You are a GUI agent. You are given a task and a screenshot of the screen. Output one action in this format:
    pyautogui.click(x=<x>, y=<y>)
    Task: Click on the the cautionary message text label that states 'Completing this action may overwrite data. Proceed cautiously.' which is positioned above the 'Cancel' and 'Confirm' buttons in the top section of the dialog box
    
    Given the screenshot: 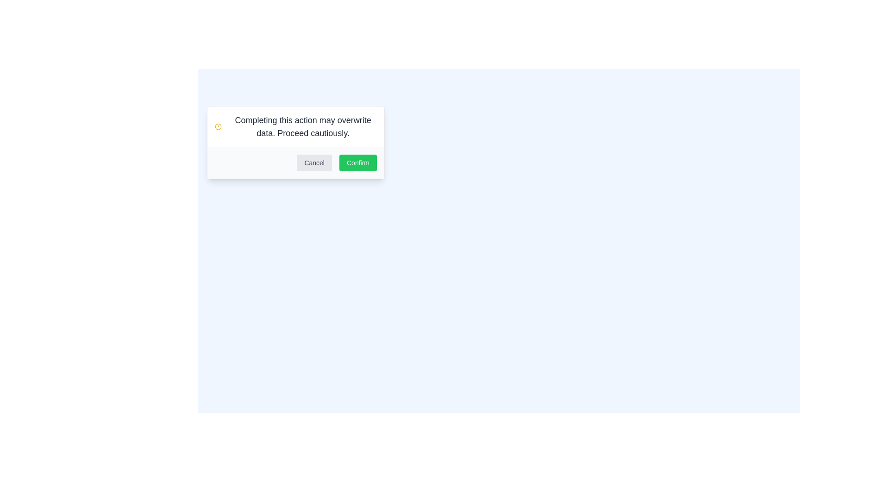 What is the action you would take?
    pyautogui.click(x=303, y=126)
    